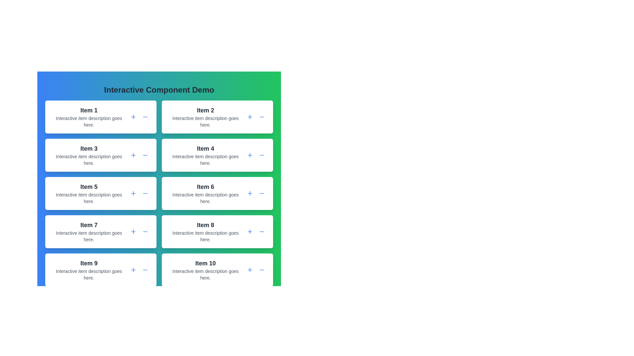 Image resolution: width=634 pixels, height=356 pixels. I want to click on the descriptive Text block located in the bottom-right card of the grid layout, directly below the title text 'Item 10', so click(205, 275).